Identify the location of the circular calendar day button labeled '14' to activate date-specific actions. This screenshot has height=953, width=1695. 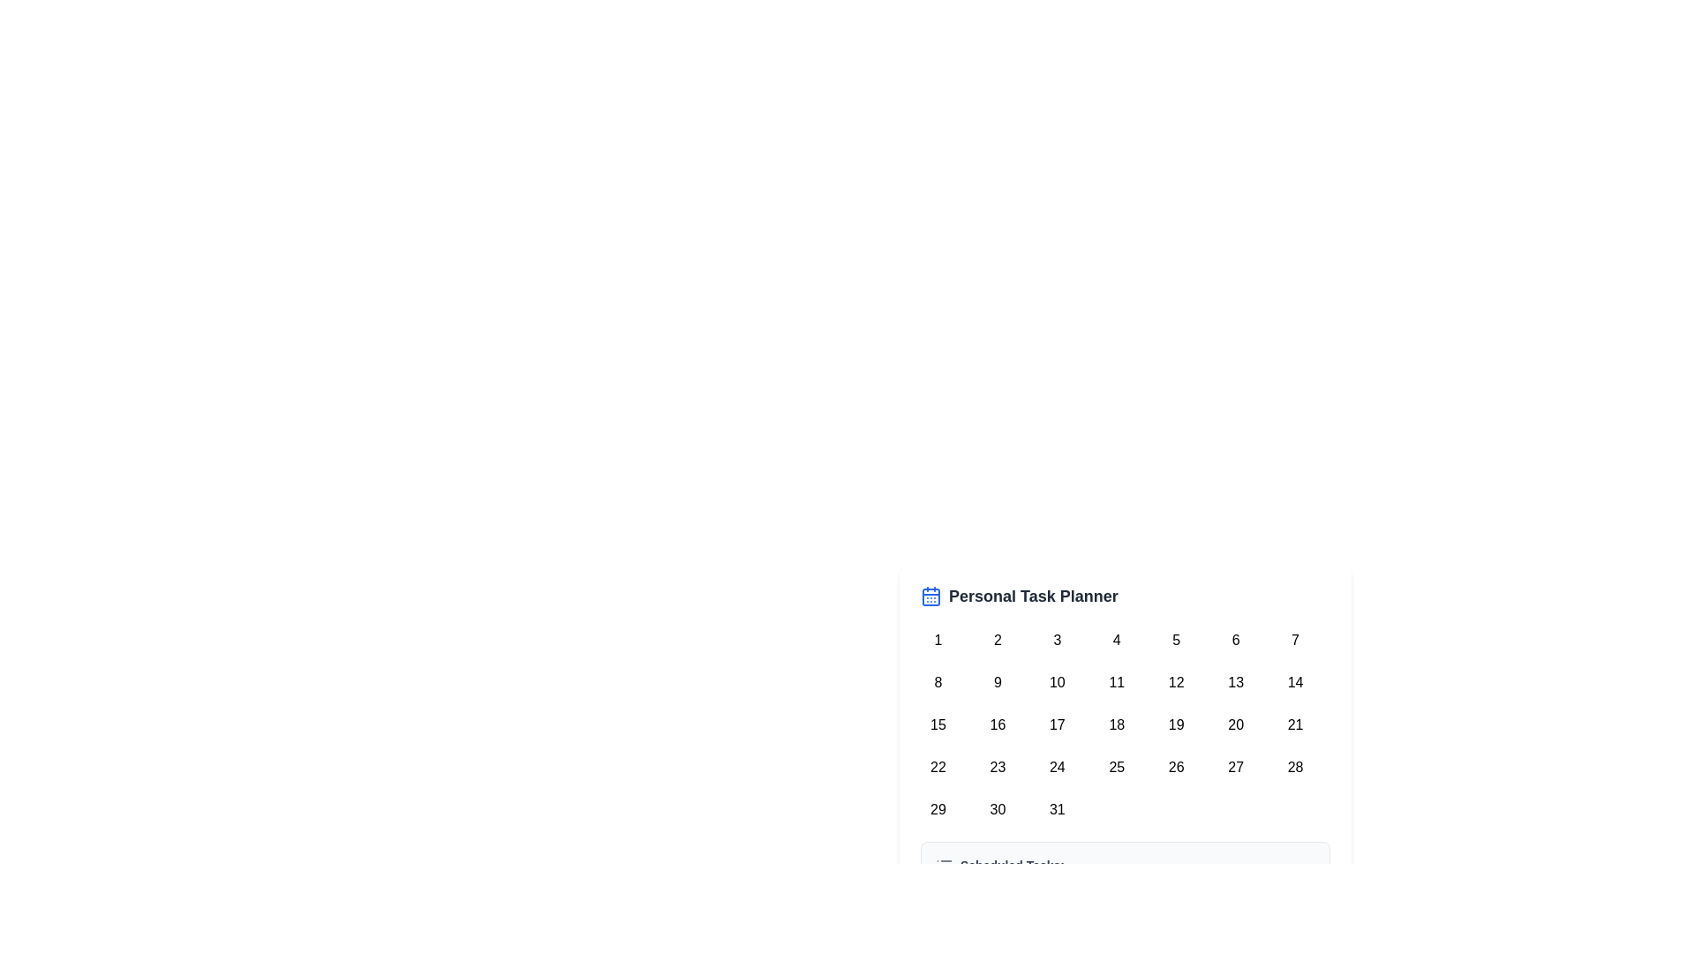
(1295, 682).